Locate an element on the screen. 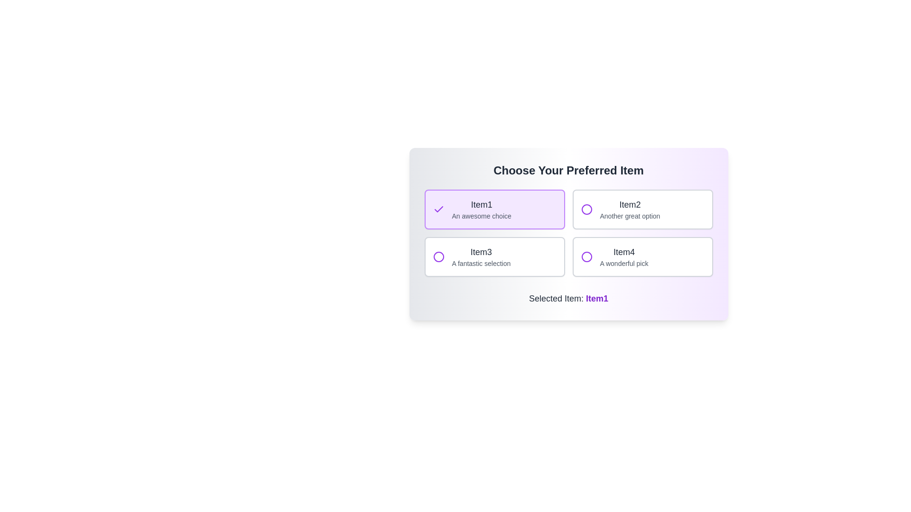 The width and height of the screenshot is (911, 512). the purple checkmark icon located in the top left of the 'Item1' card within a four-card grid layout is located at coordinates (438, 209).